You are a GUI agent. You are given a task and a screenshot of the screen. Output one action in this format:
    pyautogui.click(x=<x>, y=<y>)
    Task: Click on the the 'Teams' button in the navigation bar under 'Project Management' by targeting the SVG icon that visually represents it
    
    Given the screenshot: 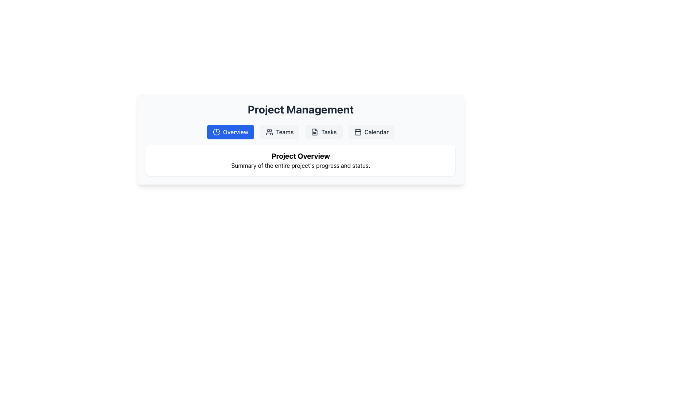 What is the action you would take?
    pyautogui.click(x=269, y=132)
    